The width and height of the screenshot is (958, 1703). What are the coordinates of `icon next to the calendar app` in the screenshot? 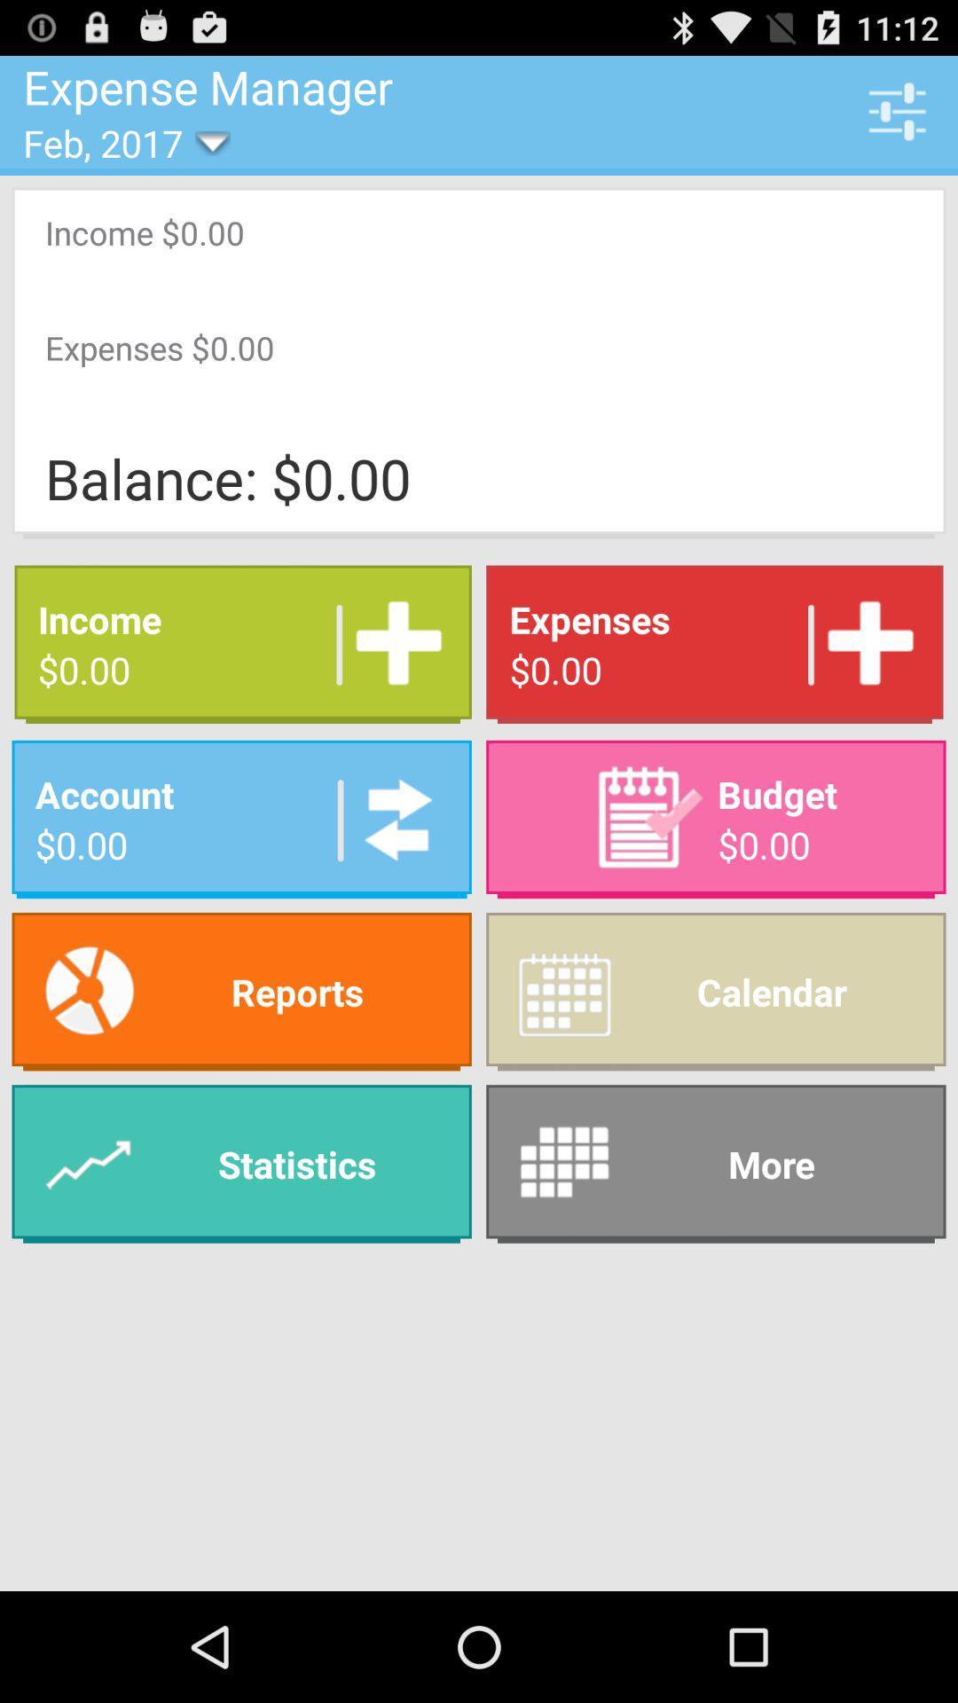 It's located at (241, 1164).